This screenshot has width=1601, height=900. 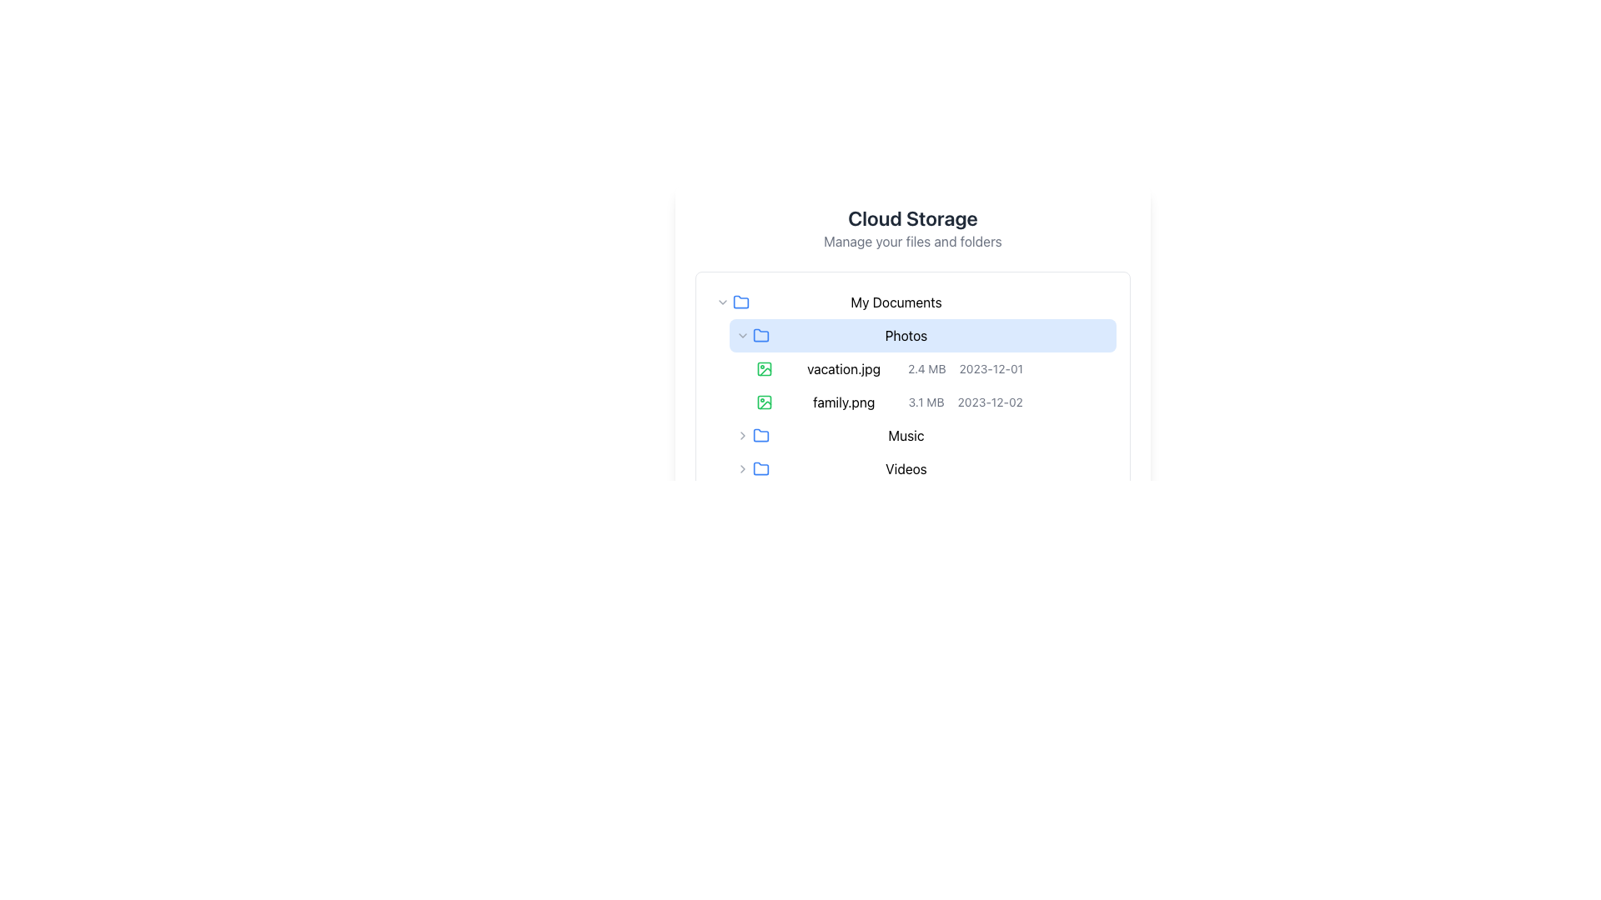 What do you see at coordinates (911, 385) in the screenshot?
I see `the File navigation panel, which is a main component of the cloud storage interface located below the headers 'Cloud Storage' and 'Manage your files and folders'` at bounding box center [911, 385].